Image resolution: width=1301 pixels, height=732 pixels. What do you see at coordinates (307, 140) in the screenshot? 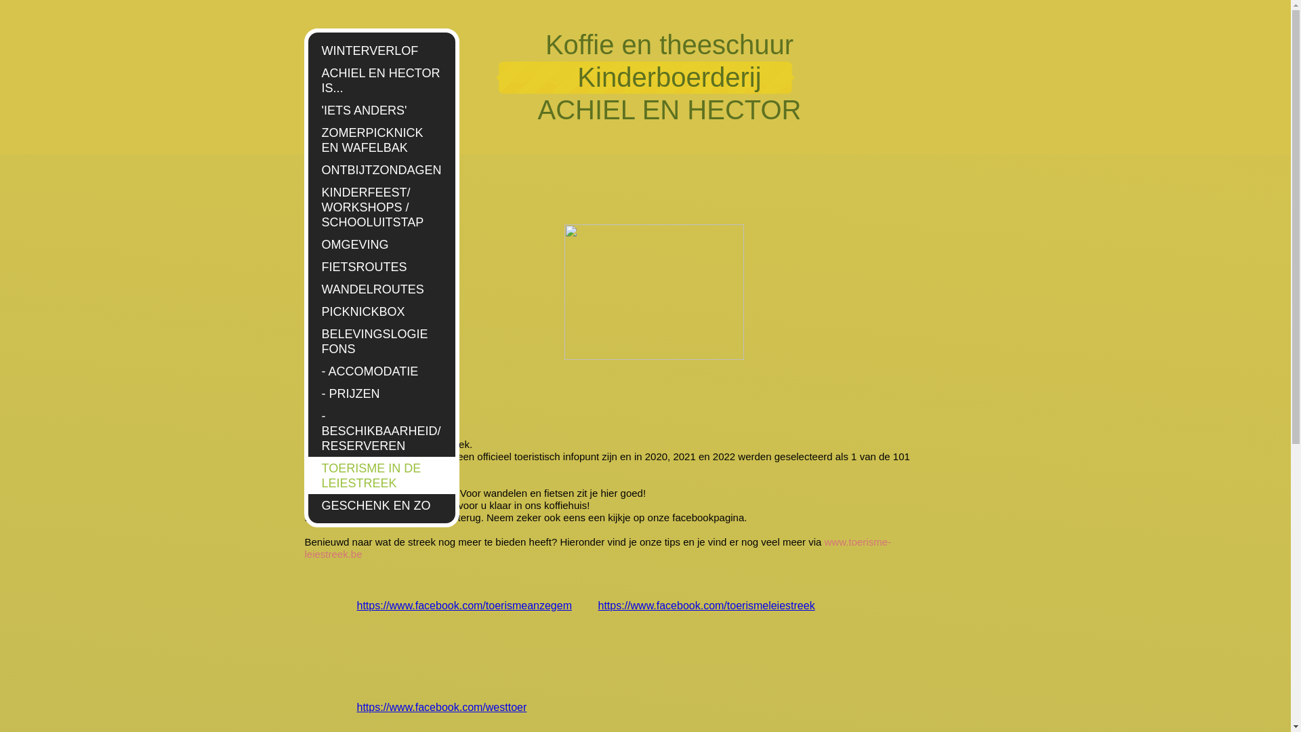
I see `'ZOMERPICKNICK EN WAFELBAK'` at bounding box center [307, 140].